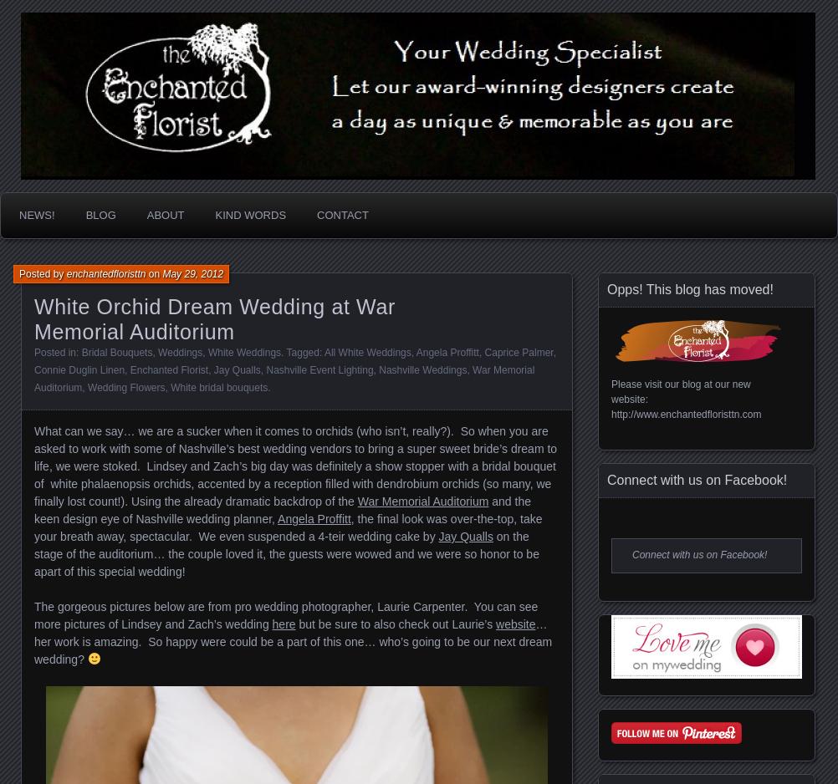  I want to click on ', the final look was over-the-top, take your breath away, spectacular.  We even suspended a 4-teir wedding cake by', so click(288, 527).